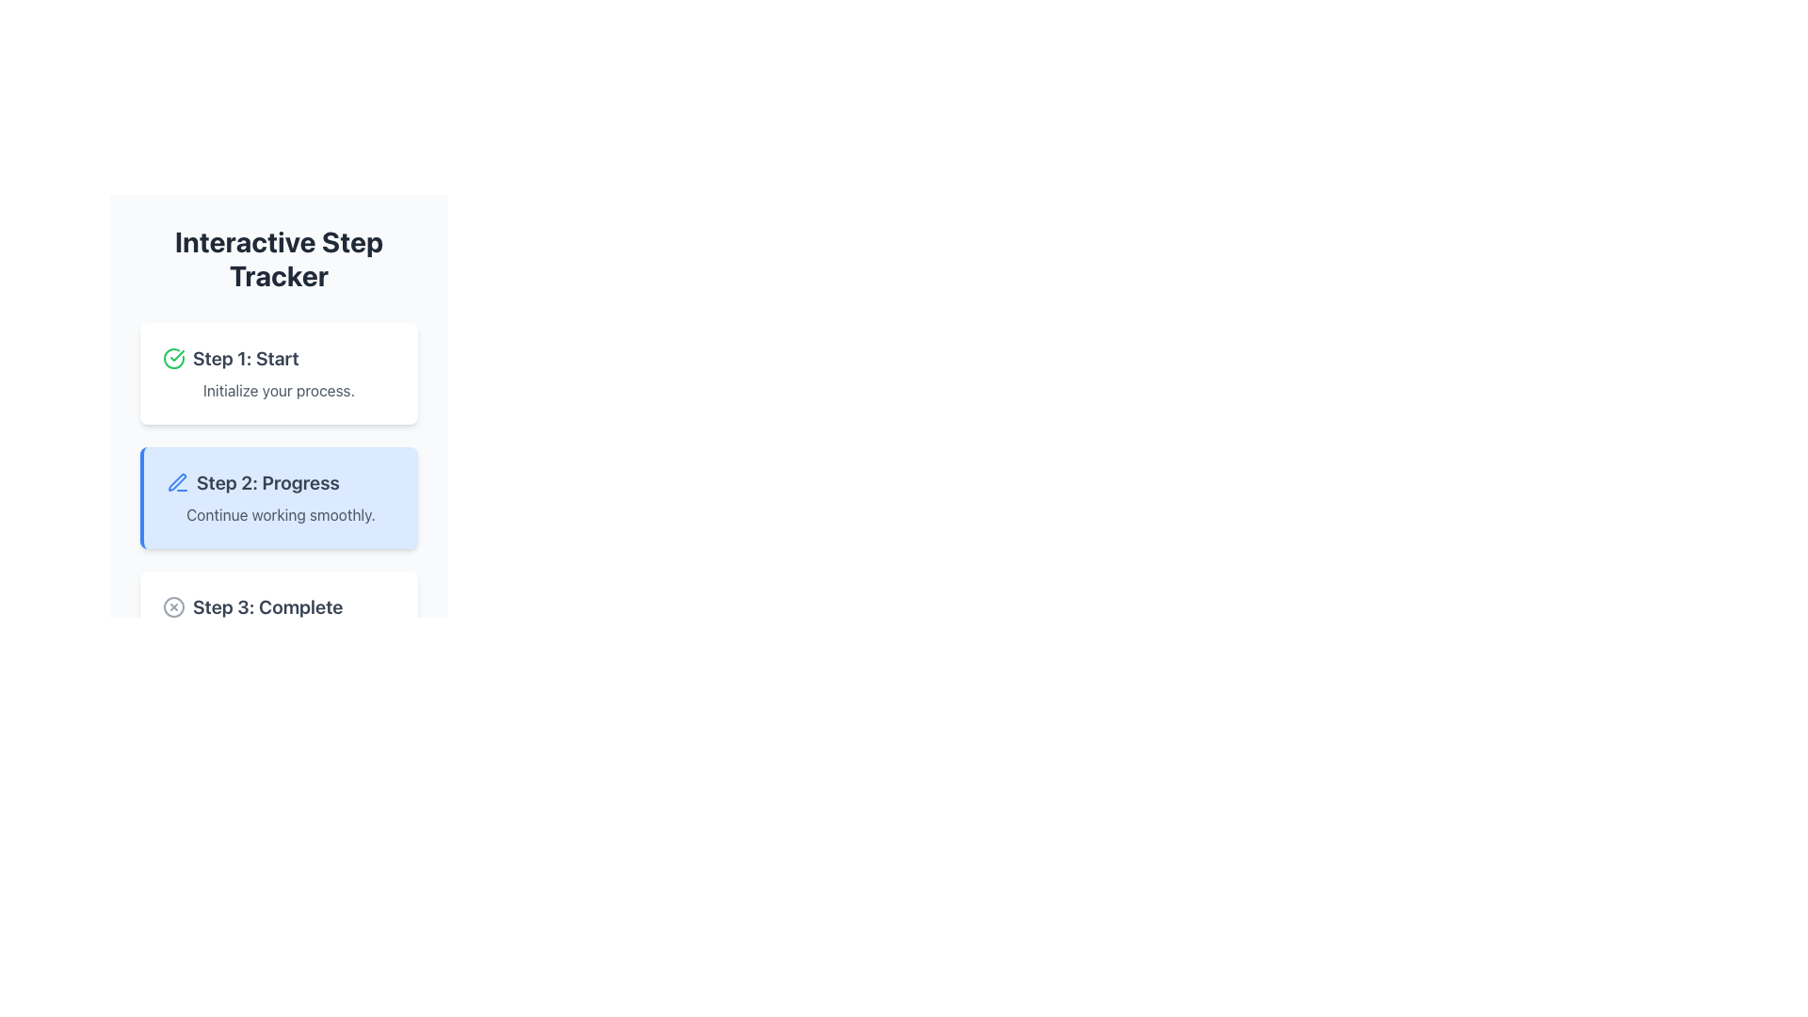  Describe the element at coordinates (278, 390) in the screenshot. I see `the static text element that reads 'Initialize your process.' located beneath the title 'Step 1: Start' in the first card of the step-by-step process` at that location.